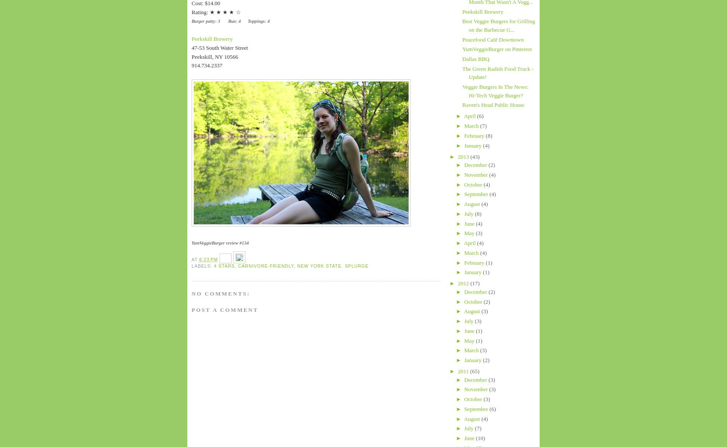 The width and height of the screenshot is (727, 447). I want to click on 'Post a Comment', so click(225, 309).